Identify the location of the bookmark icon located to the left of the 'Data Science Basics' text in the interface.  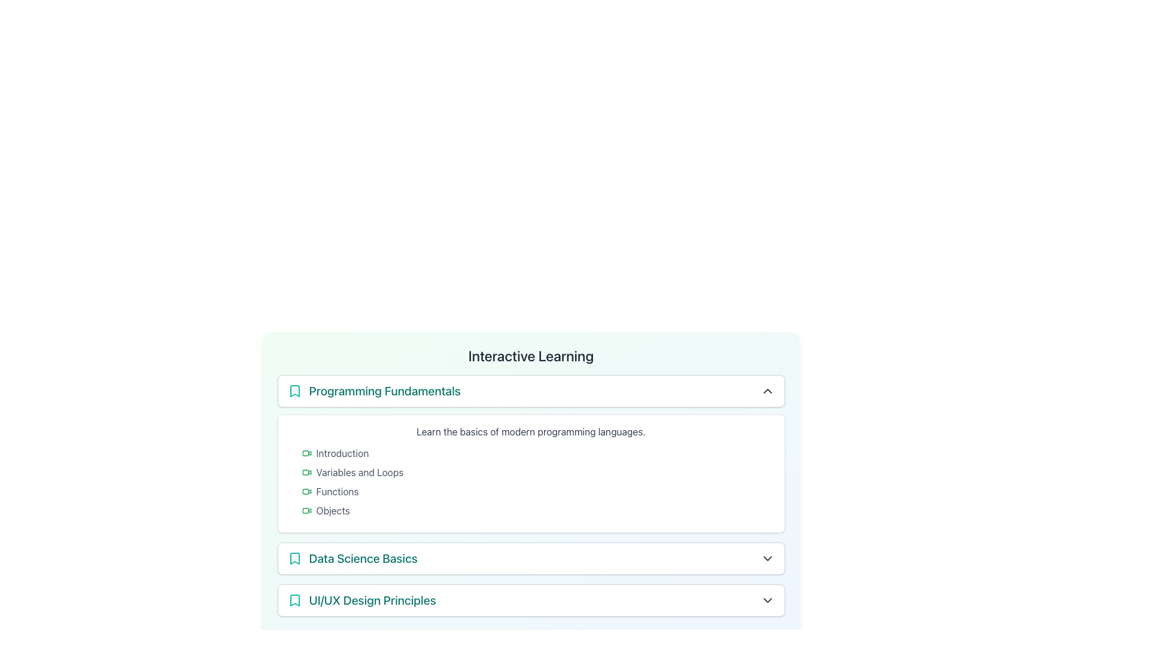
(294, 558).